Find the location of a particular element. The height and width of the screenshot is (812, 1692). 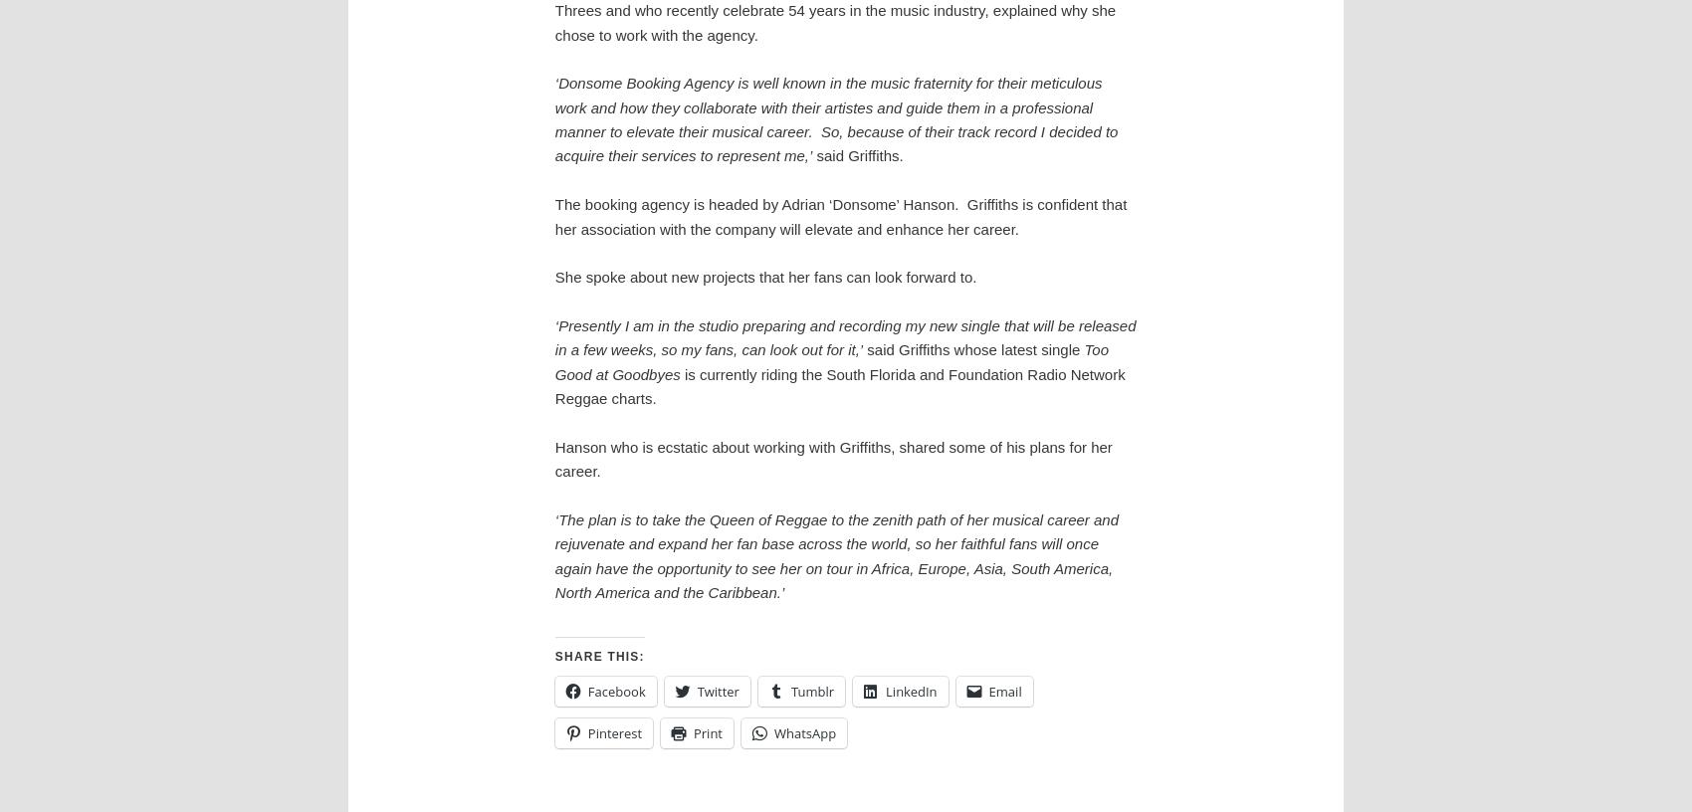

'‘The plan is to take the Queen of Reggae to the zenith path of her musical career and rejuvenate and expand her fan base across the world, so her faithful fans will once again have the opportunity to see her on tour in Africa, Europe, Asia, South America, North America and the Caribbean.’' is located at coordinates (835, 555).